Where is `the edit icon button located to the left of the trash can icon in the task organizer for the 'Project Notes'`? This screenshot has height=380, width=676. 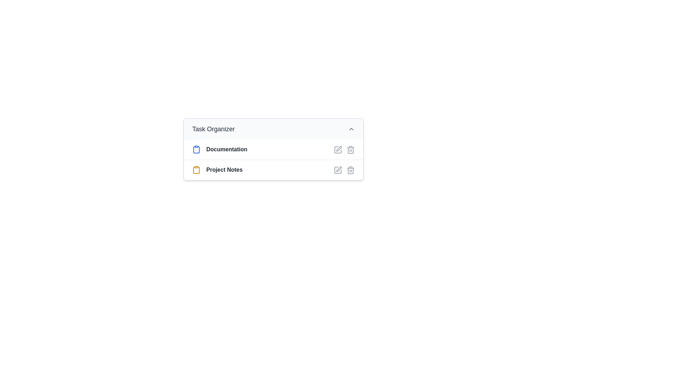 the edit icon button located to the left of the trash can icon in the task organizer for the 'Project Notes' is located at coordinates (338, 170).